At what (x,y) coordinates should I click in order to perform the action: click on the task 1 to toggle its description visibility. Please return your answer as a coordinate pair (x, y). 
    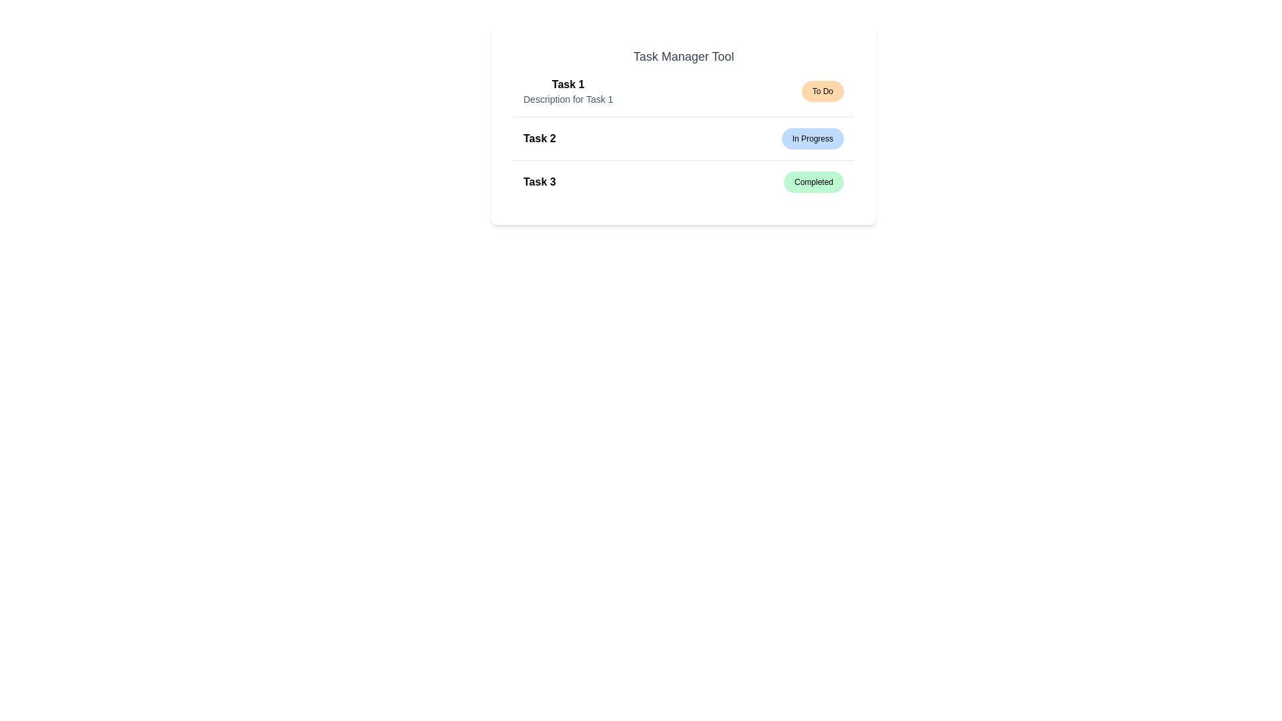
    Looking at the image, I should click on (683, 91).